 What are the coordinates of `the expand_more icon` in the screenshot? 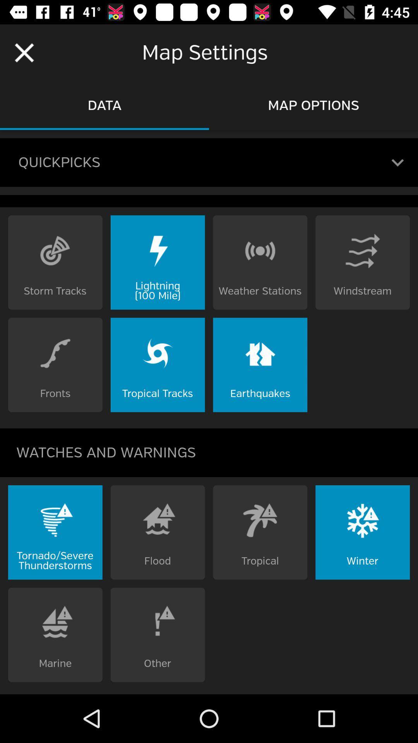 It's located at (397, 162).